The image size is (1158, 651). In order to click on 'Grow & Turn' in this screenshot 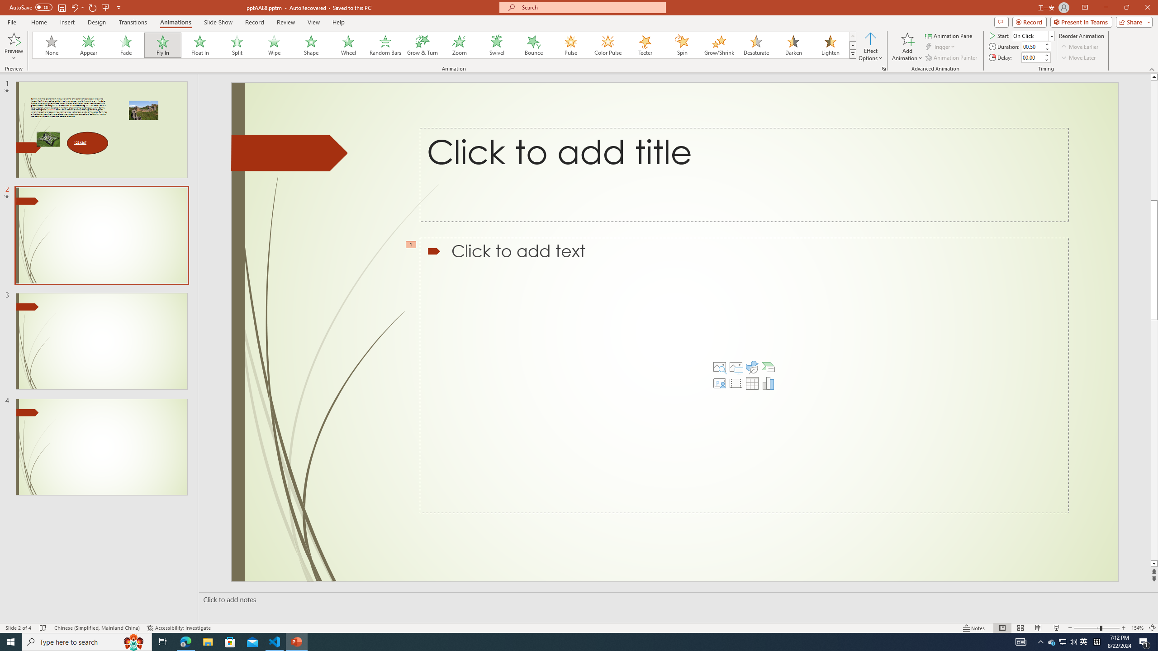, I will do `click(422, 45)`.